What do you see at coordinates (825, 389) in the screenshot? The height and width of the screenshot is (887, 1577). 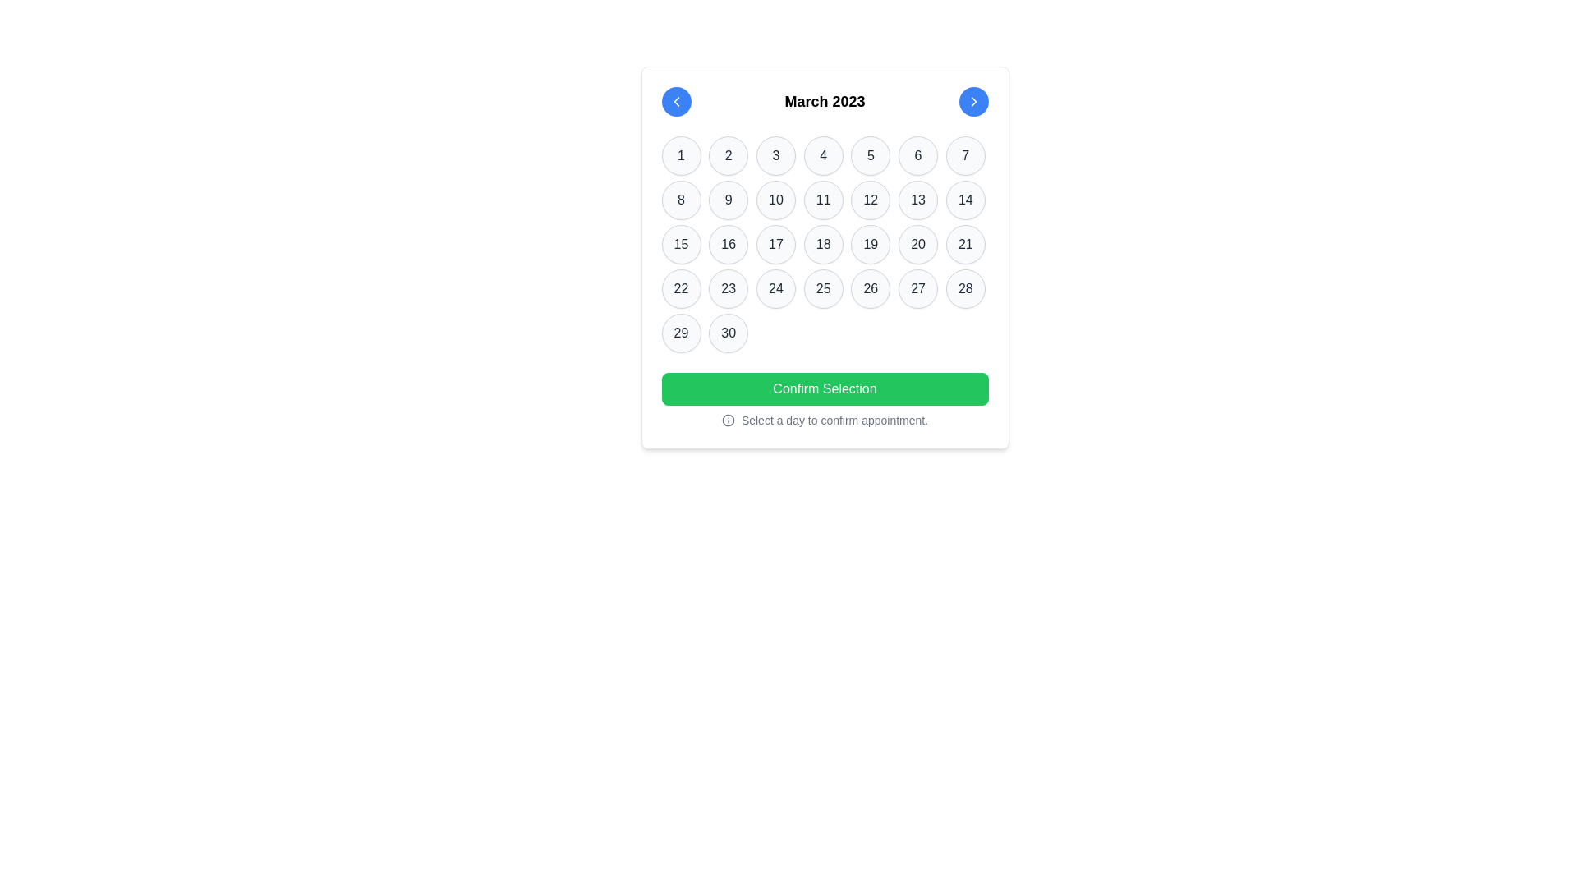 I see `the green 'Confirm Selection' button located at the bottom center of the calendar panel to confirm the selection` at bounding box center [825, 389].